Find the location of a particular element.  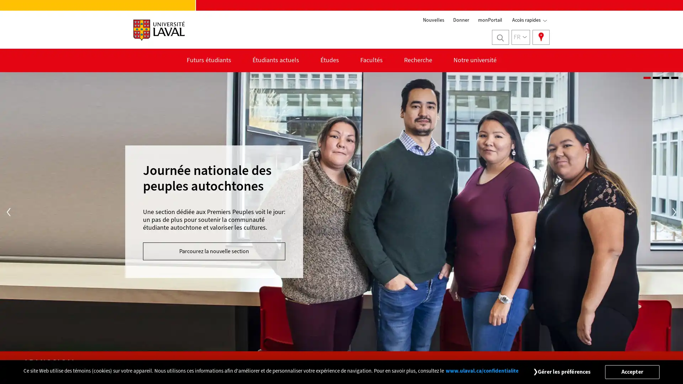

Francais is located at coordinates (521, 37).